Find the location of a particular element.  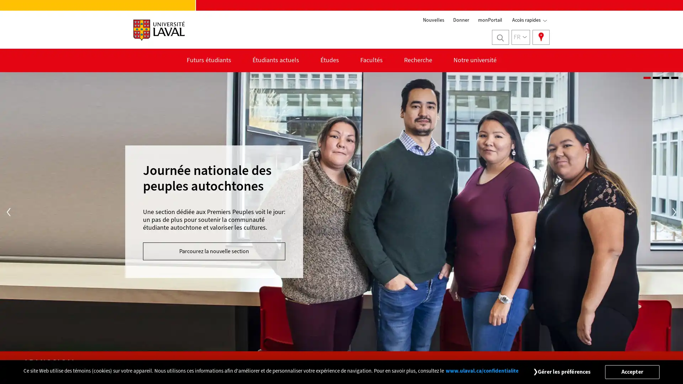

Francais is located at coordinates (521, 37).